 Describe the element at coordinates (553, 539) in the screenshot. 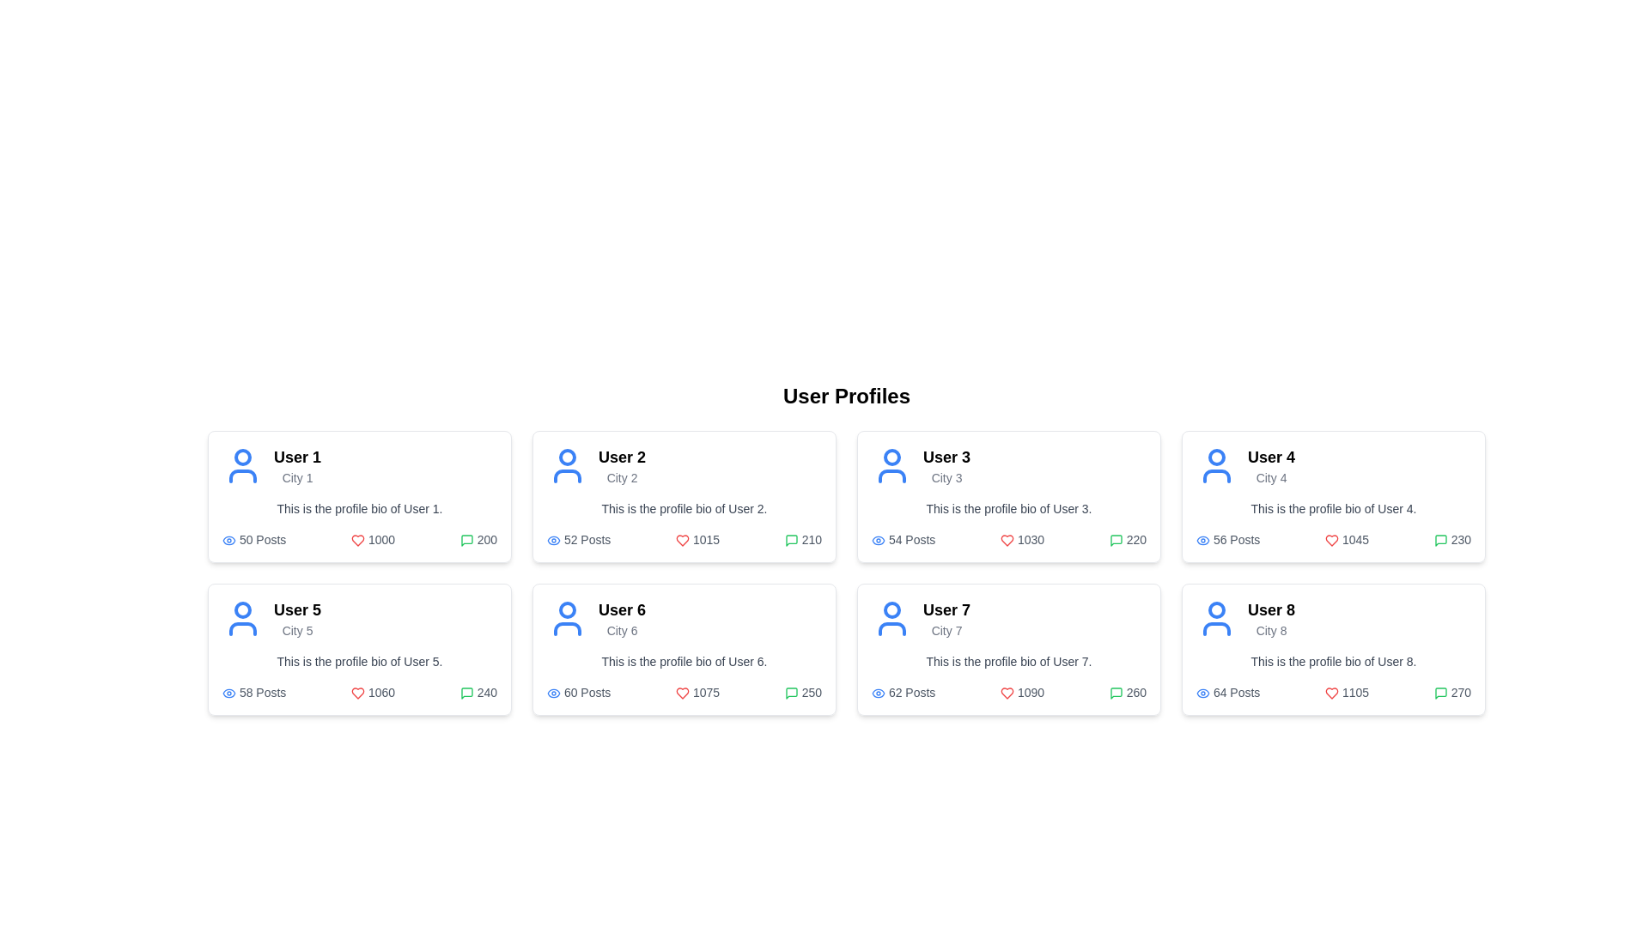

I see `the visibility icon located at the bottom-left corner of the second profile card in the top row of the grid layout` at that location.